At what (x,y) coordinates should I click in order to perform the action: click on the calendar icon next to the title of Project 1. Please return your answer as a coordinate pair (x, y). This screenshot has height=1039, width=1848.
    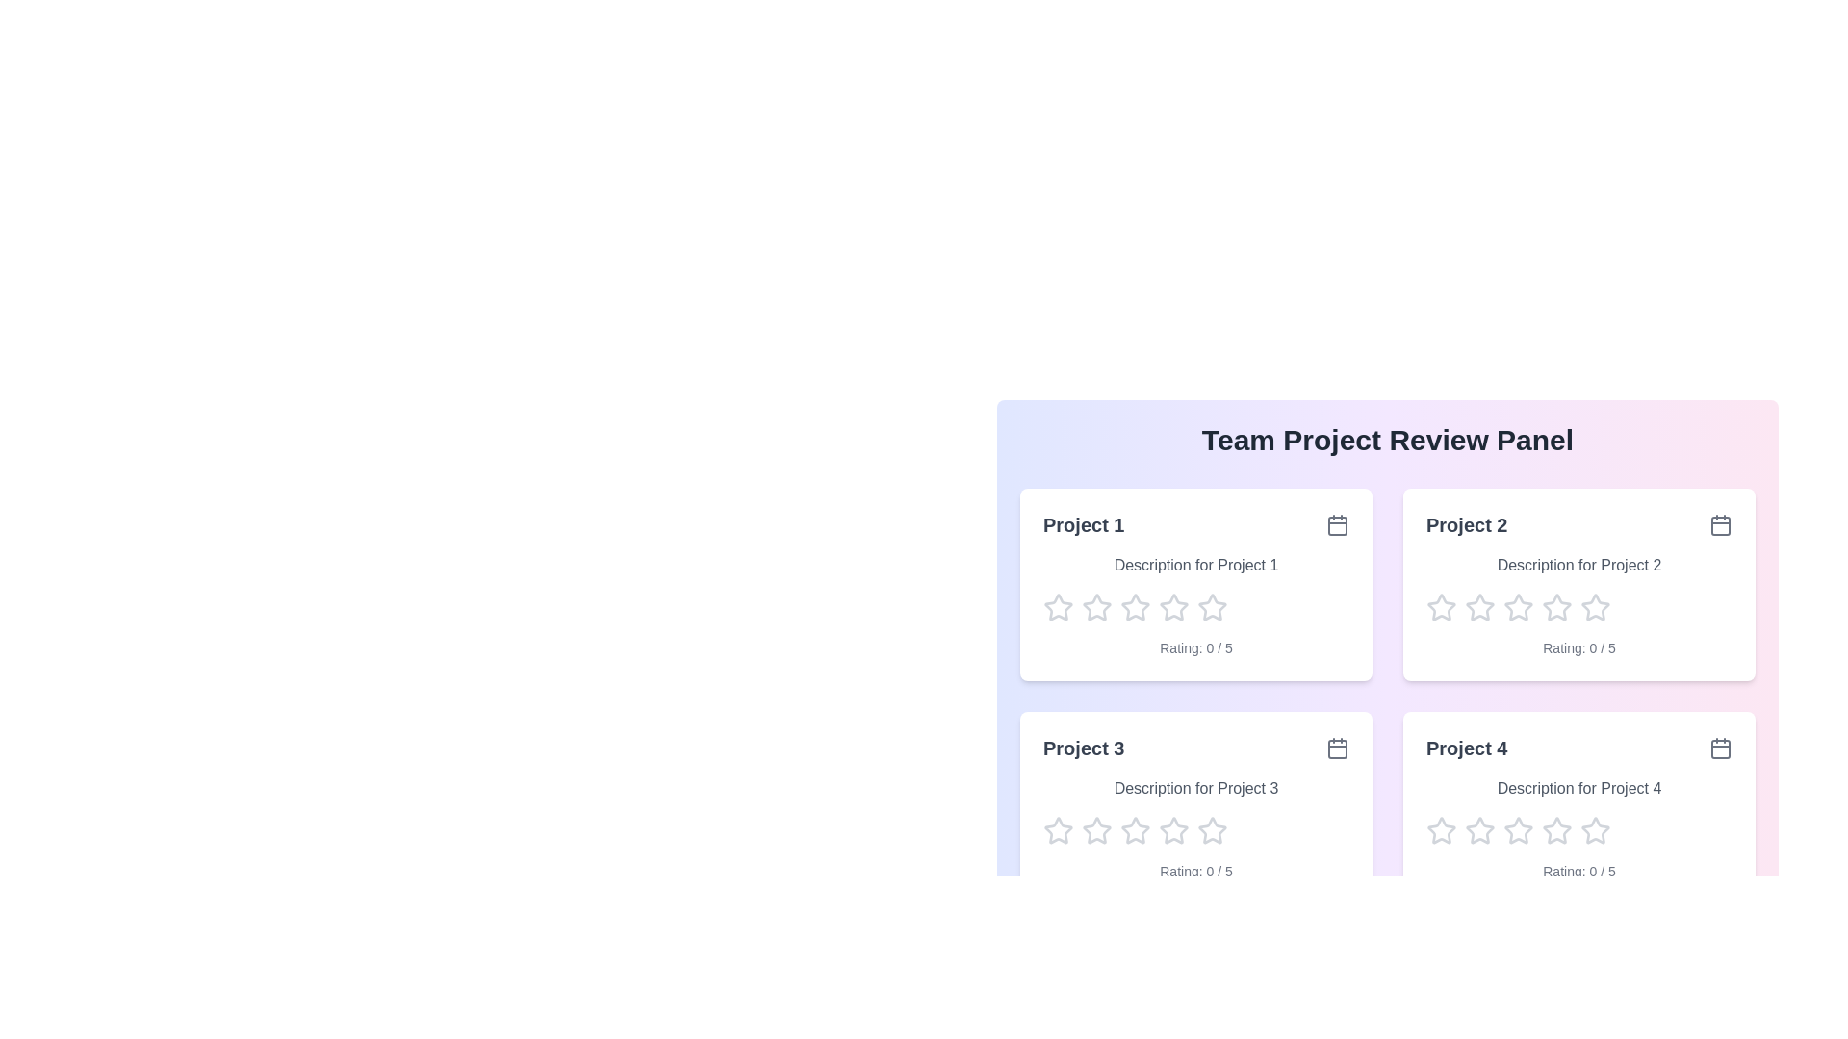
    Looking at the image, I should click on (1337, 525).